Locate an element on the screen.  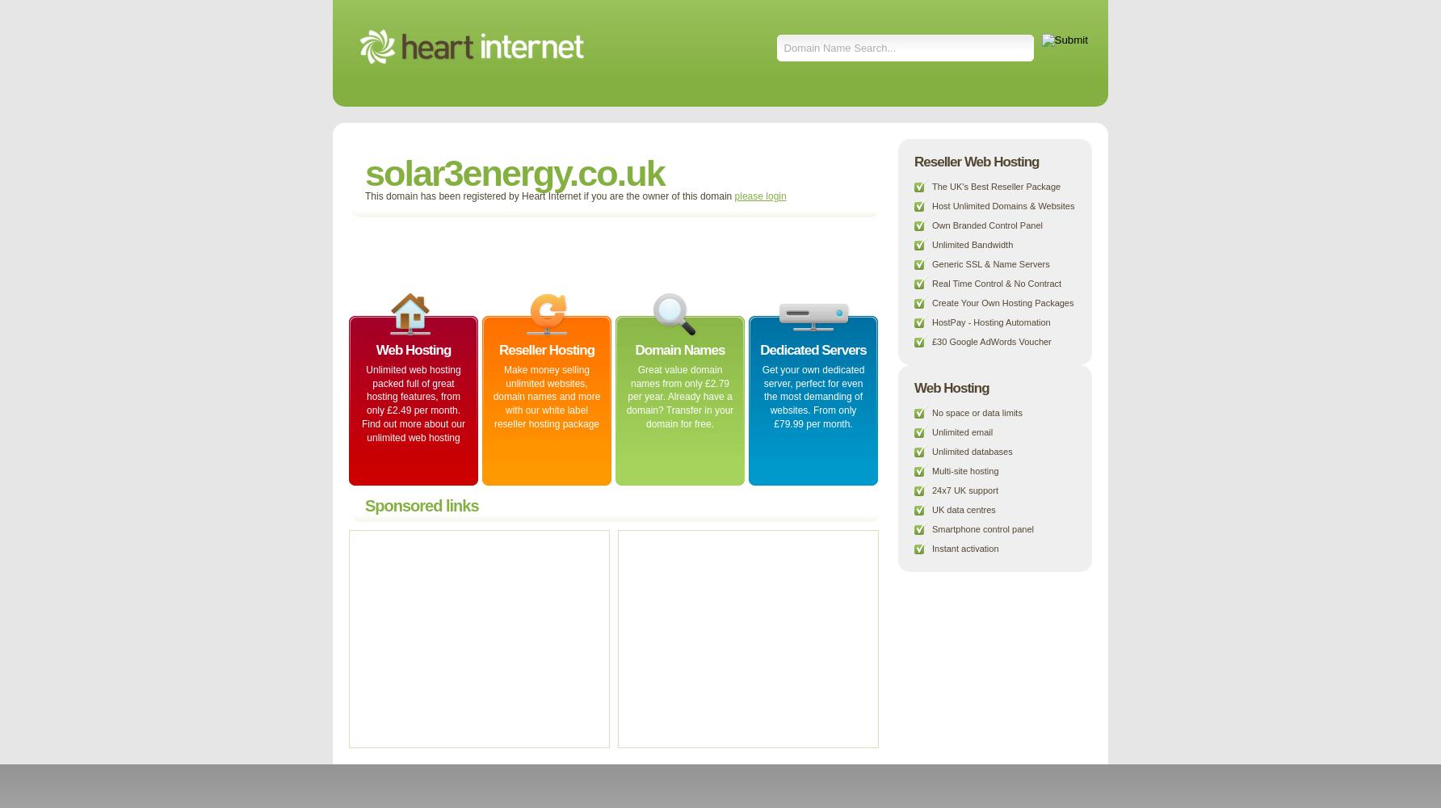
'Unlimited web hosting packed full of great hosting features, from only £2.49 per month. Find out more about our unlimited web hosting' is located at coordinates (361, 402).